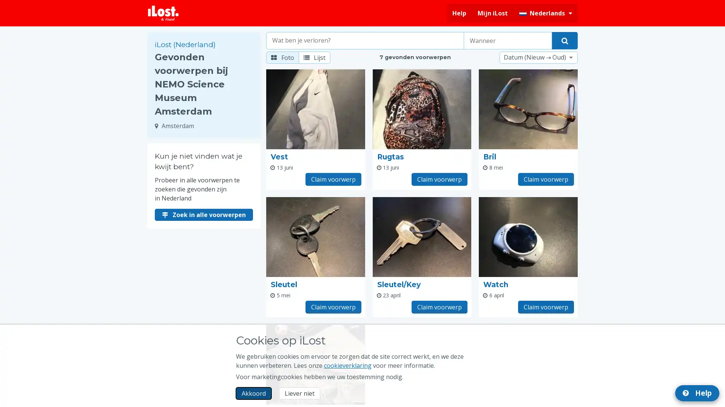 The width and height of the screenshot is (725, 407). Describe the element at coordinates (299, 393) in the screenshot. I see `Liever niet Ik wil niet dat iLost marketingcookies gebruikt` at that location.